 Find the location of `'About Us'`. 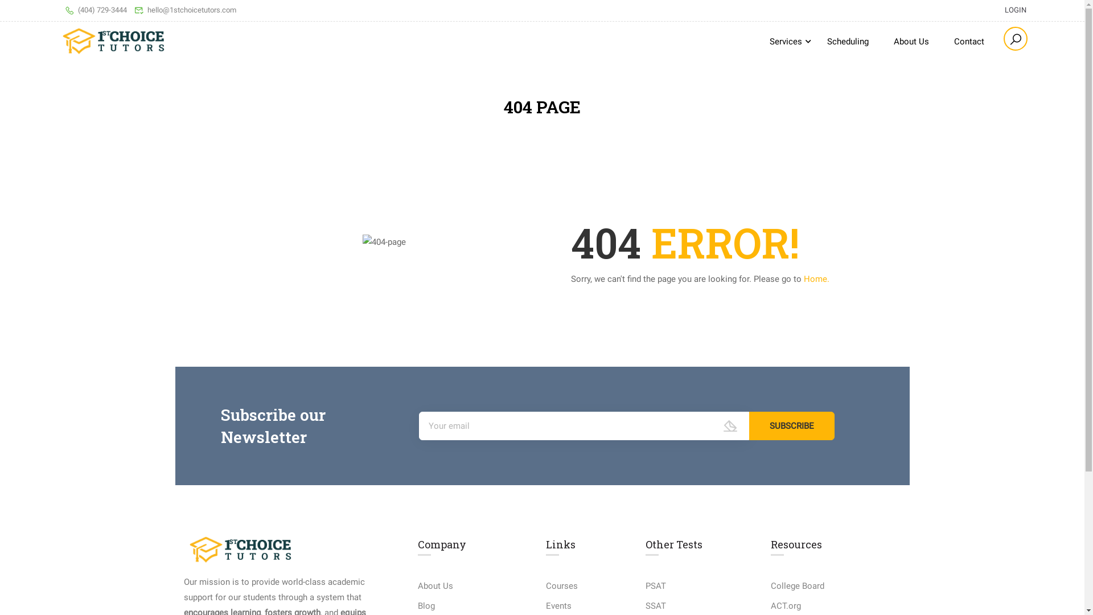

'About Us' is located at coordinates (434, 586).